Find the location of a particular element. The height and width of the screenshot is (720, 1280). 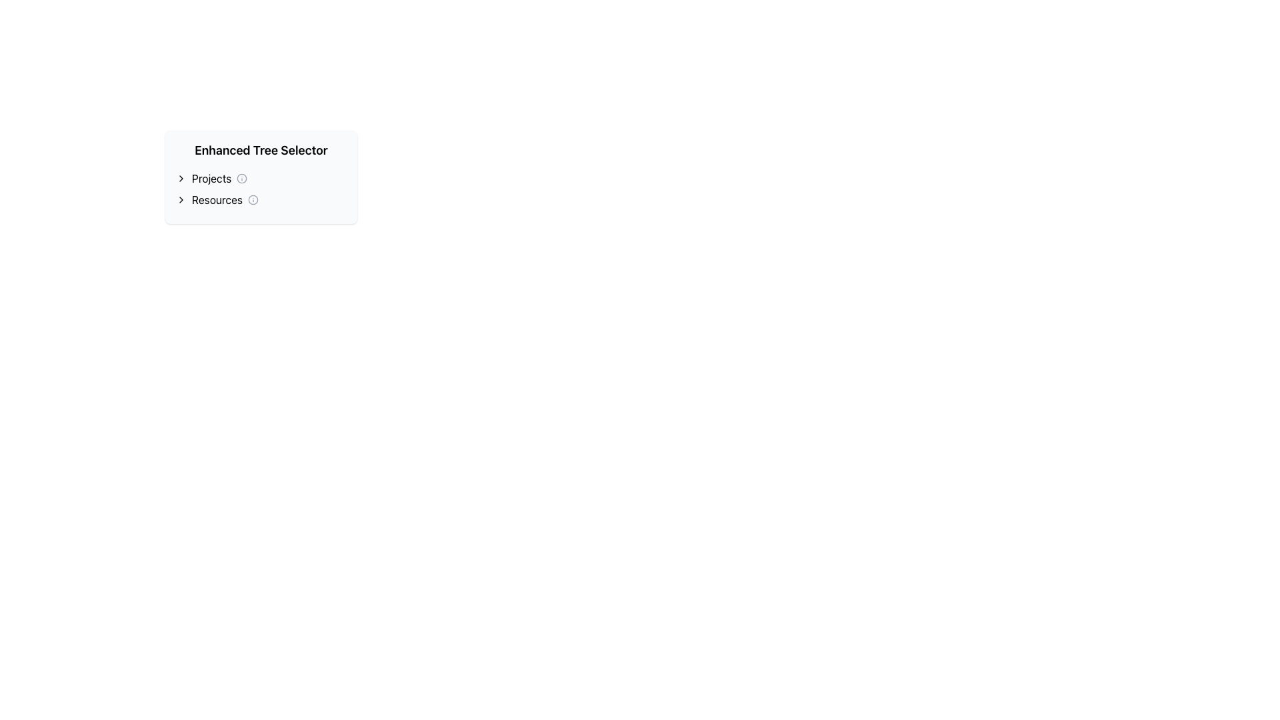

the rightward-facing chevron icon adjacent to the 'Projects' label is located at coordinates (181, 177).